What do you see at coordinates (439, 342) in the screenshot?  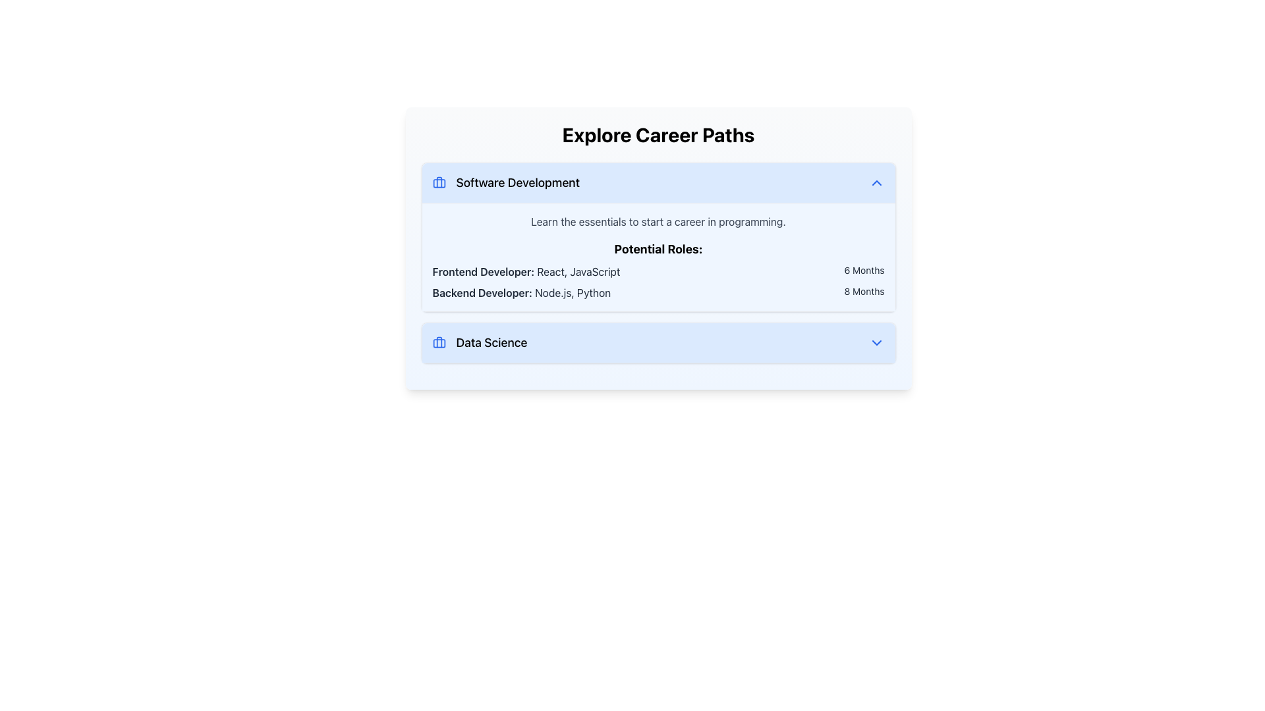 I see `the blue briefcase icon located at the start of the 'Data Science' section, which is styled with a thin stroke outline and has rounded edges` at bounding box center [439, 342].